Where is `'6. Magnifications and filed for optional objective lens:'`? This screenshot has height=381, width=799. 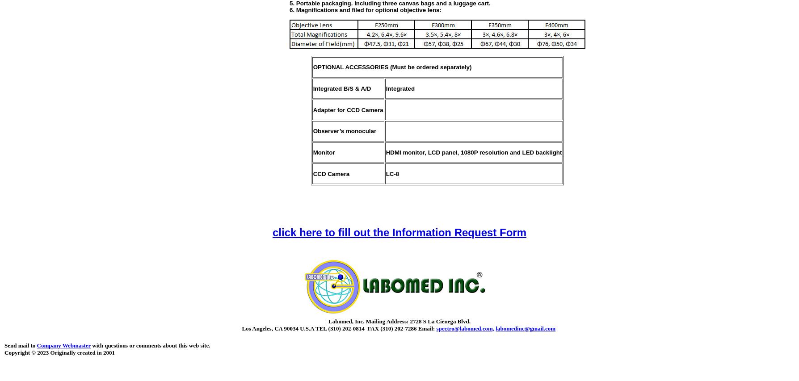
'6. Magnifications and filed for optional objective lens:' is located at coordinates (365, 9).